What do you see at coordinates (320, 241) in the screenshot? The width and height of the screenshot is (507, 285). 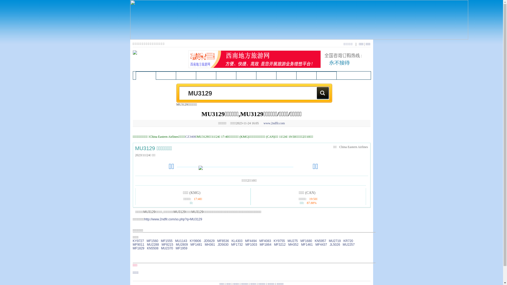 I see `'KN5957'` at bounding box center [320, 241].